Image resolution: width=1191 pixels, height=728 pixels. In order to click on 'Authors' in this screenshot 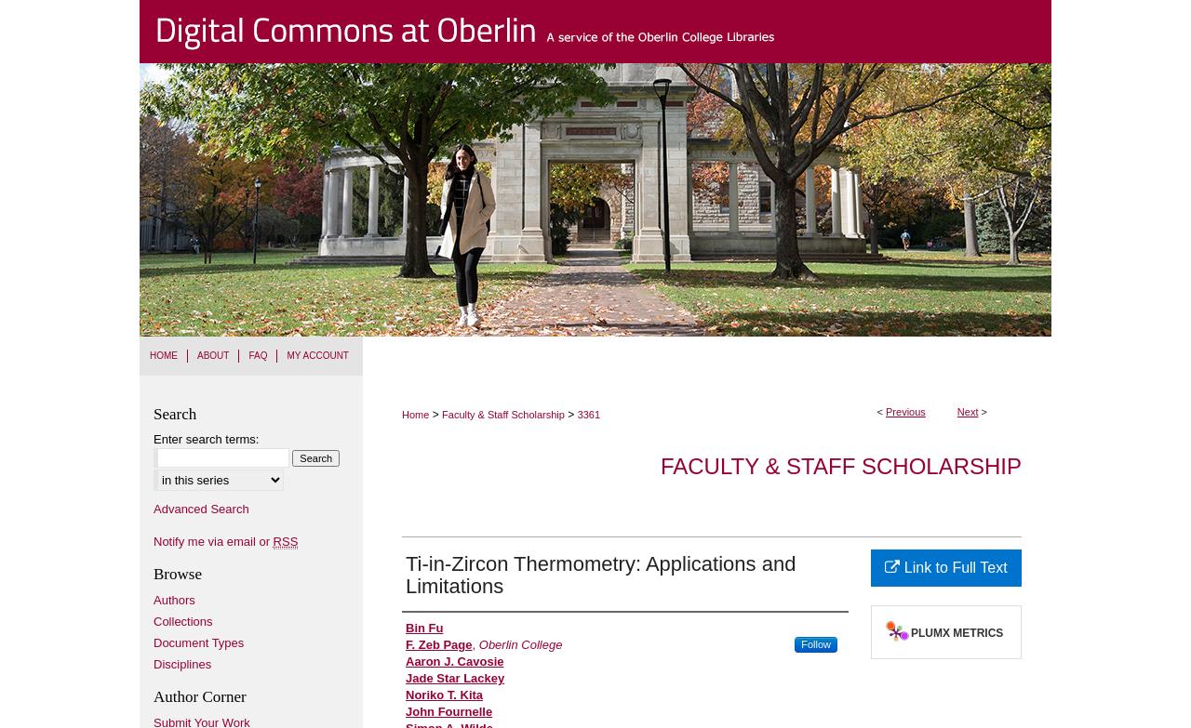, I will do `click(174, 598)`.